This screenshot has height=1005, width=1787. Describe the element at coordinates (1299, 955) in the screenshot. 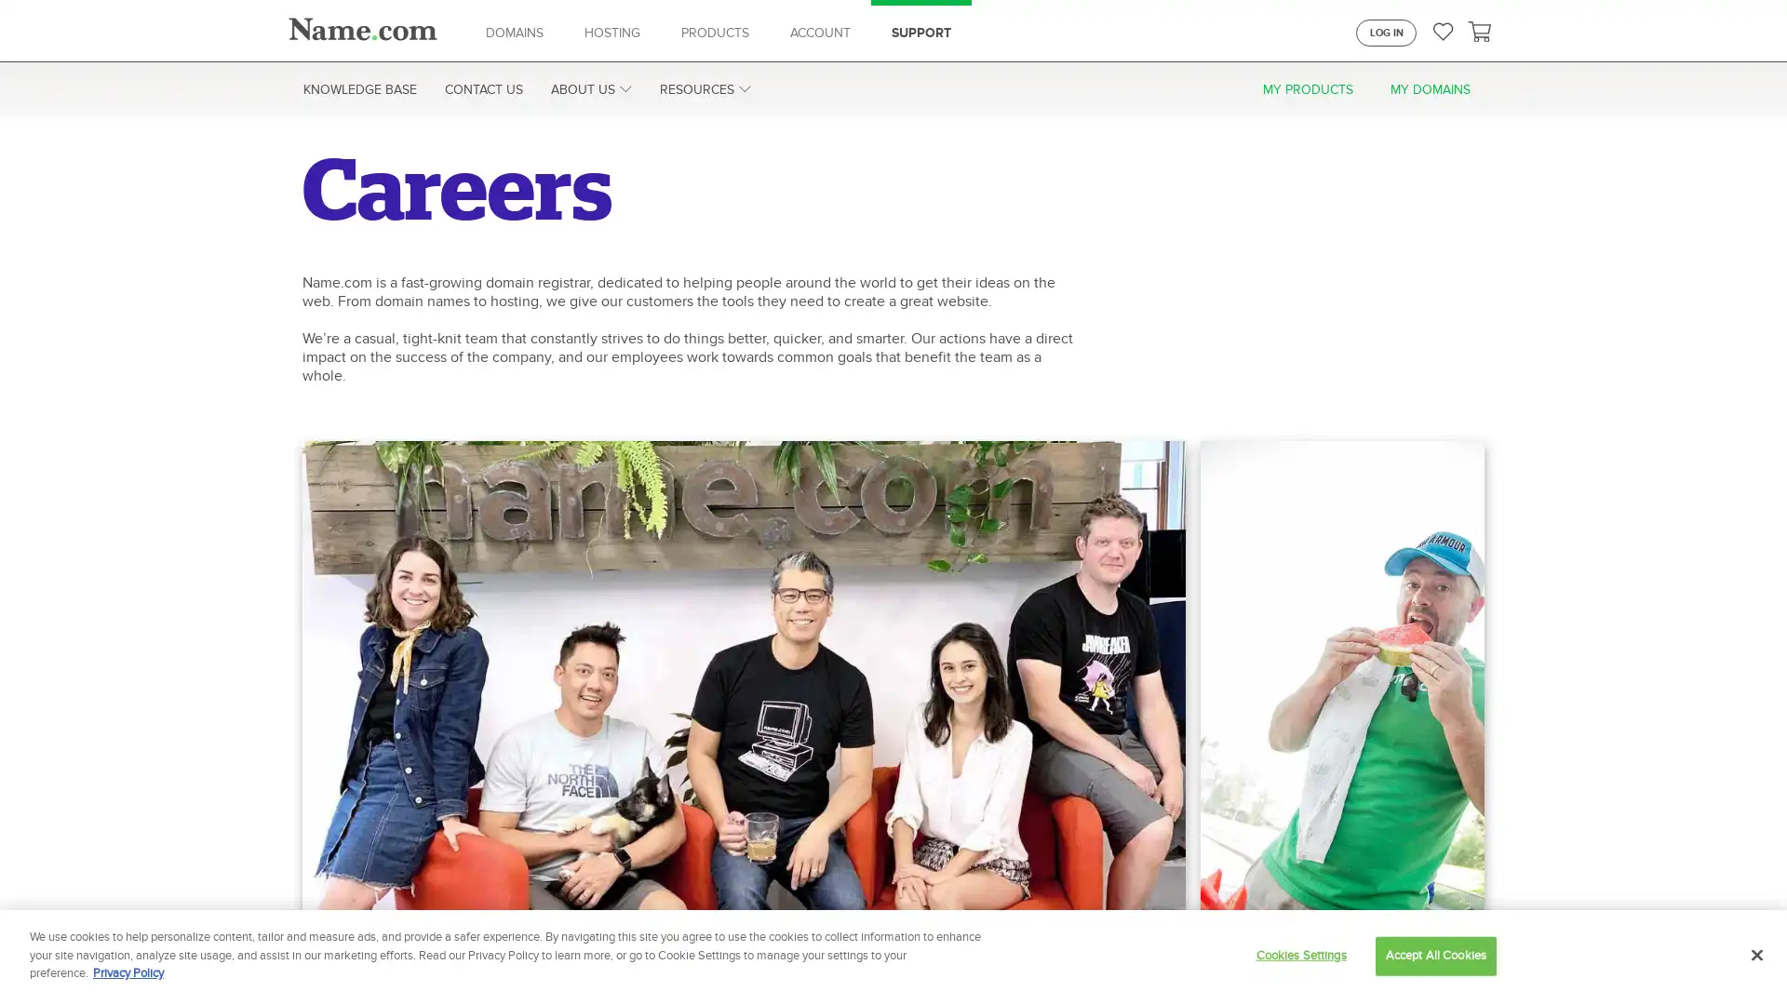

I see `Cookies Settings` at that location.